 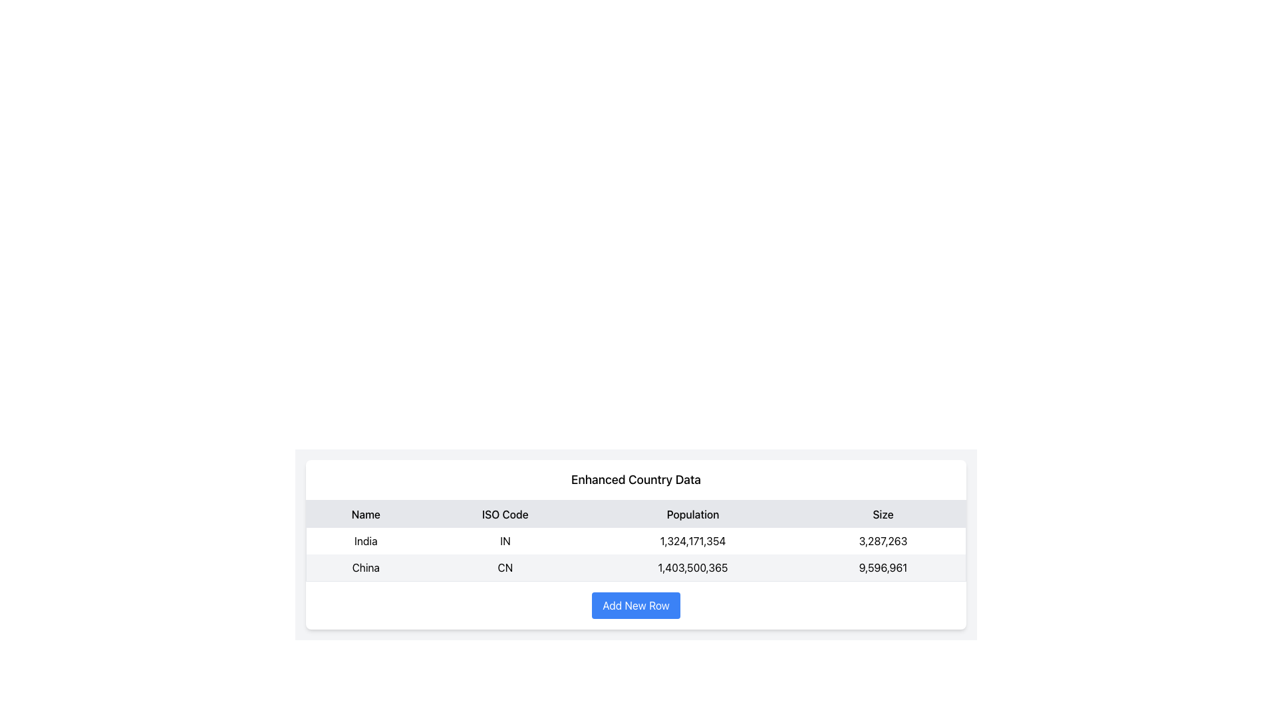 What do you see at coordinates (692, 568) in the screenshot?
I see `the population text displaying '1,403,500,365' in bold black, located in the Population column for China (ISO code CN)` at bounding box center [692, 568].